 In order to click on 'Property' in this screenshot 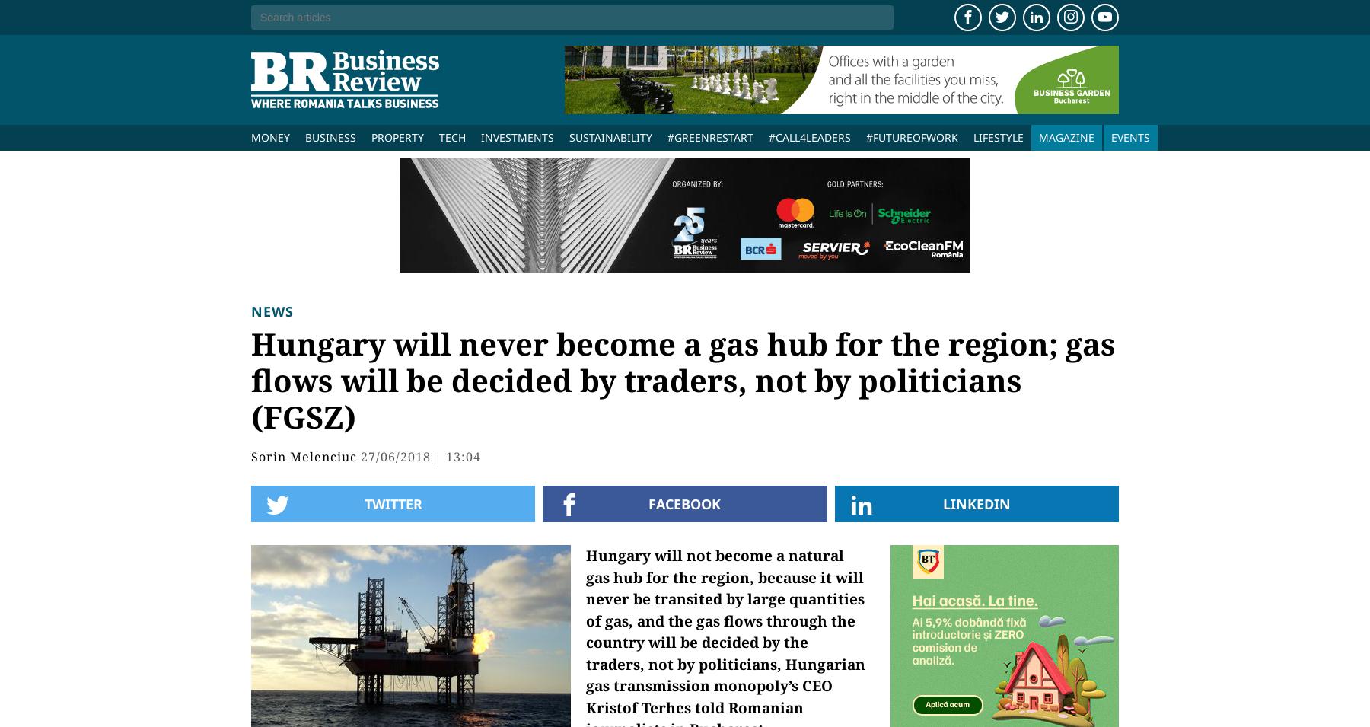, I will do `click(397, 137)`.